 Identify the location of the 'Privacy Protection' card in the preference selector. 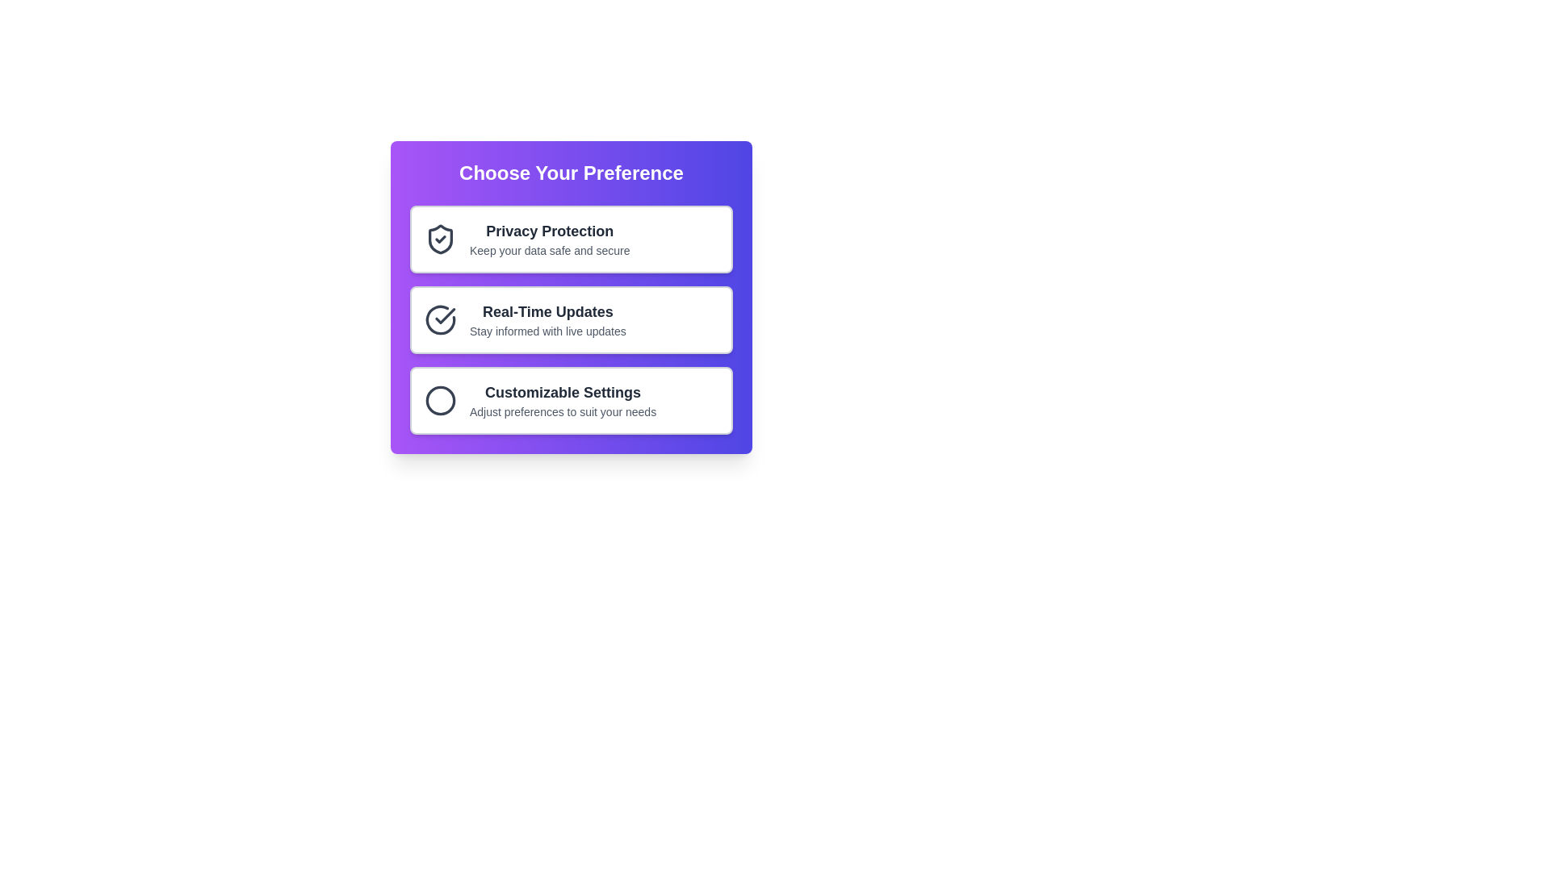
(572, 240).